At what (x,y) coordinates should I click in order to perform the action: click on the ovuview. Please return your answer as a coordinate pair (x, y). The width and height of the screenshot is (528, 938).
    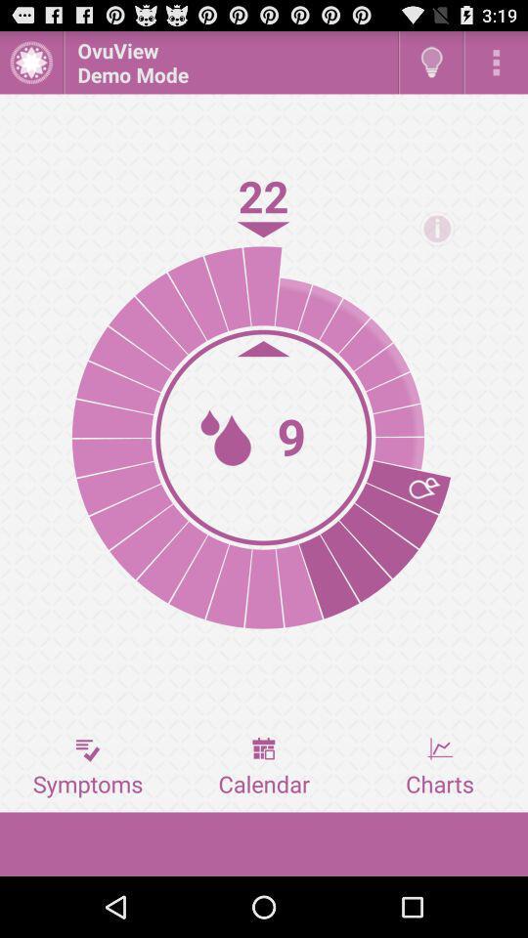
    Looking at the image, I should click on (230, 62).